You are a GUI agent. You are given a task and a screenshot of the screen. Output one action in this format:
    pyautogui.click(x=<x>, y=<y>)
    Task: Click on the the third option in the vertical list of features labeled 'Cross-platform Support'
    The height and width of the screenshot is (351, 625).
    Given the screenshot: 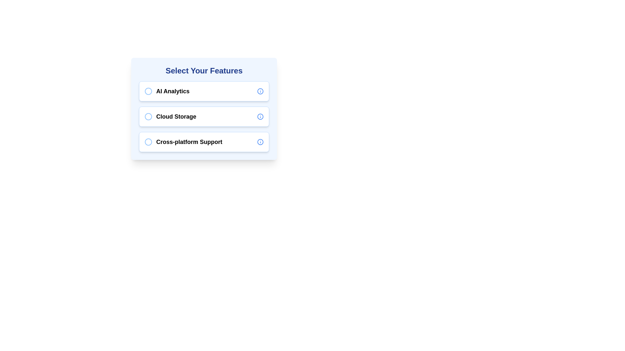 What is the action you would take?
    pyautogui.click(x=204, y=141)
    